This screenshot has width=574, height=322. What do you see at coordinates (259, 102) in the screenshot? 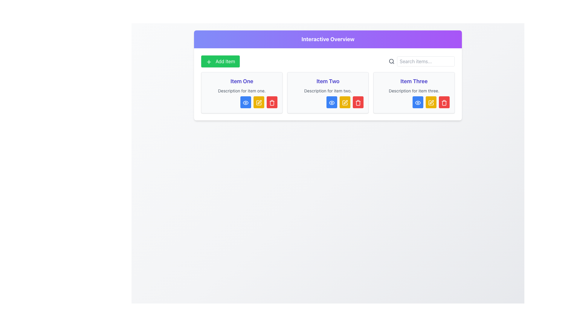
I see `the 'edit' action button located between the blue 'eye' button and the red 'trash' button under 'Item One'` at bounding box center [259, 102].